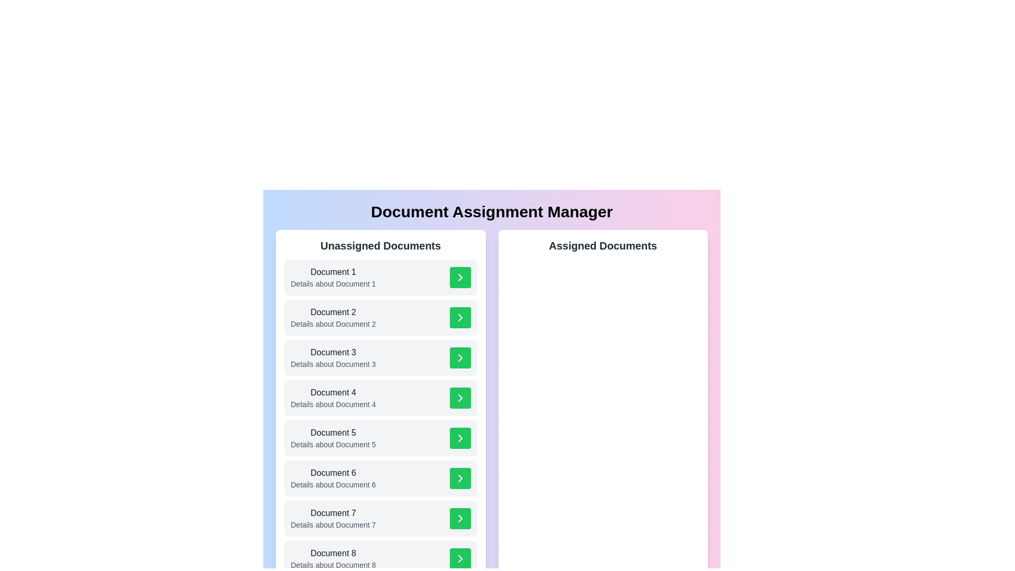  I want to click on the first list item titled 'Document 1' with a description 'Details about Document 1' in the 'Unassigned Documents' section, so click(381, 277).